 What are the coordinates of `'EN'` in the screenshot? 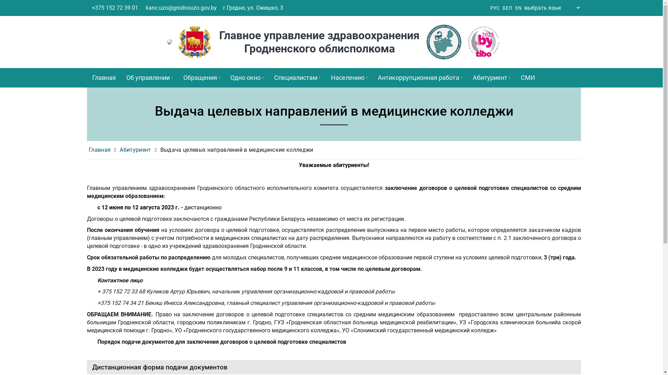 It's located at (518, 8).